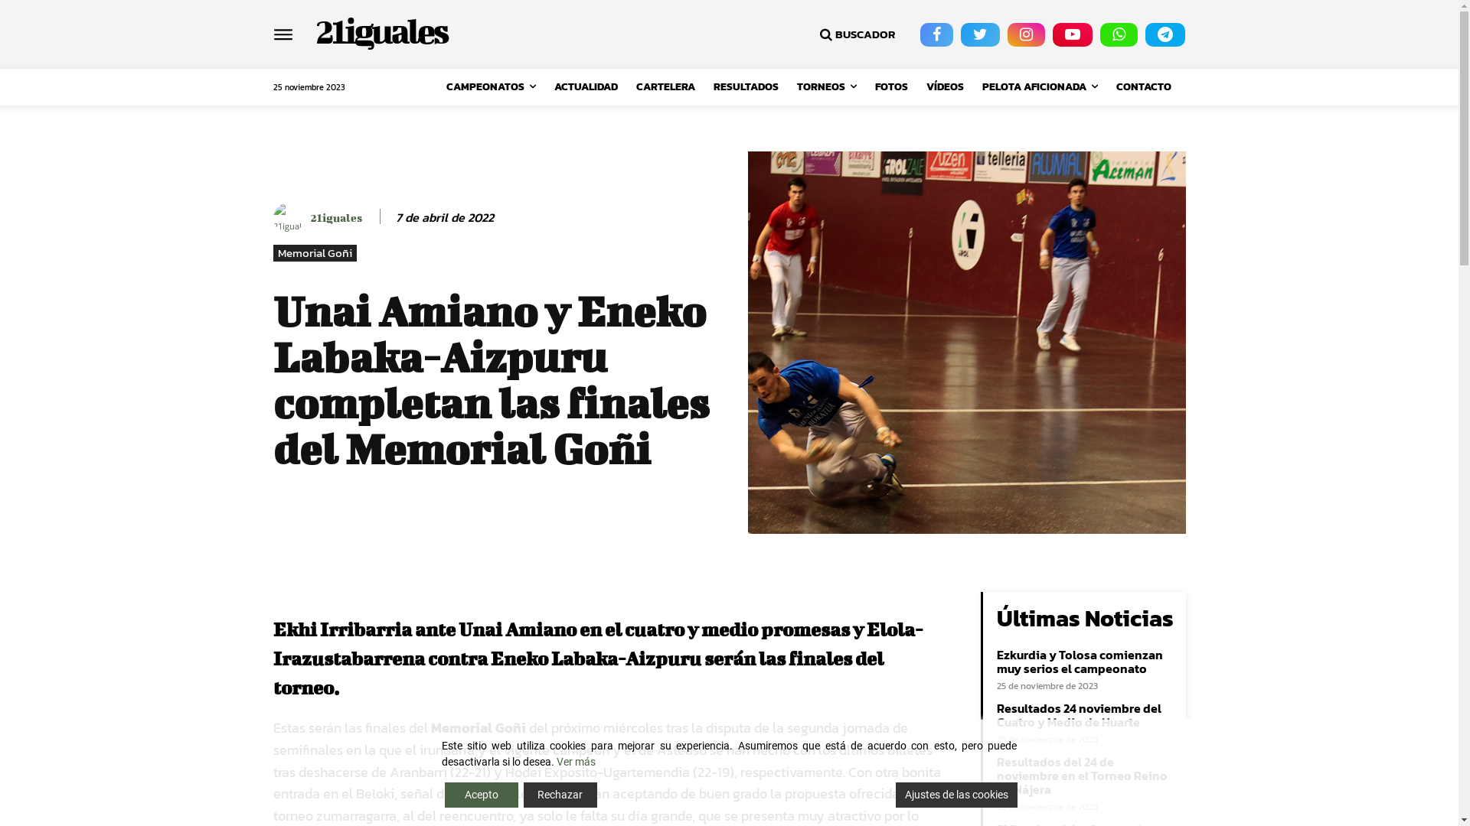 This screenshot has height=826, width=1470. Describe the element at coordinates (1078, 714) in the screenshot. I see `'Resultados 24 noviembre del Cuatro y Medio de Huarte'` at that location.